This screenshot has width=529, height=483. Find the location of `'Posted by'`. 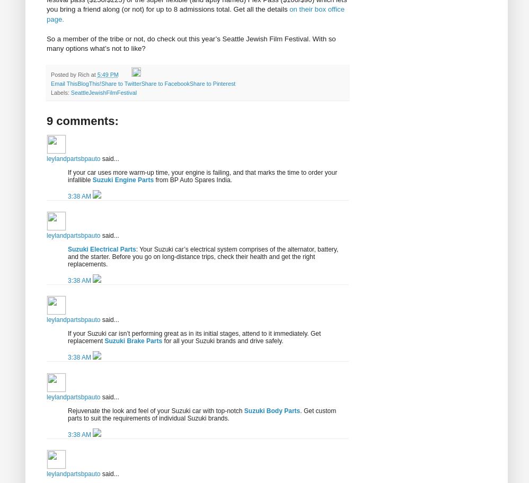

'Posted by' is located at coordinates (64, 73).